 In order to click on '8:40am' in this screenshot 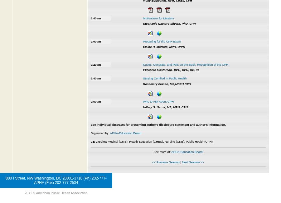, I will do `click(95, 18)`.